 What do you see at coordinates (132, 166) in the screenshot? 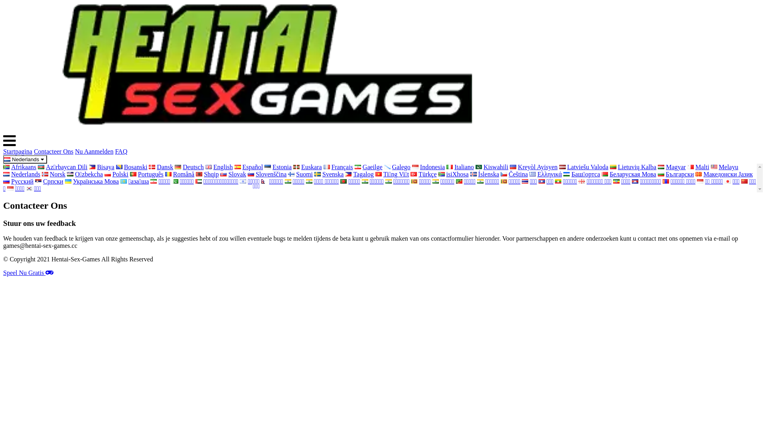
I see `'Bosanski'` at bounding box center [132, 166].